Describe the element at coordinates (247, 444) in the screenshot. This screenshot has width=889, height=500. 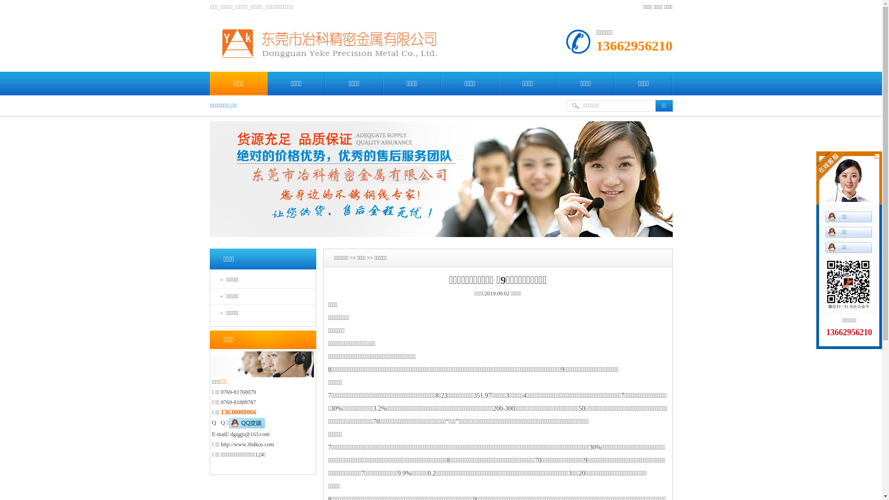
I see `'http://www.304kos.com'` at that location.